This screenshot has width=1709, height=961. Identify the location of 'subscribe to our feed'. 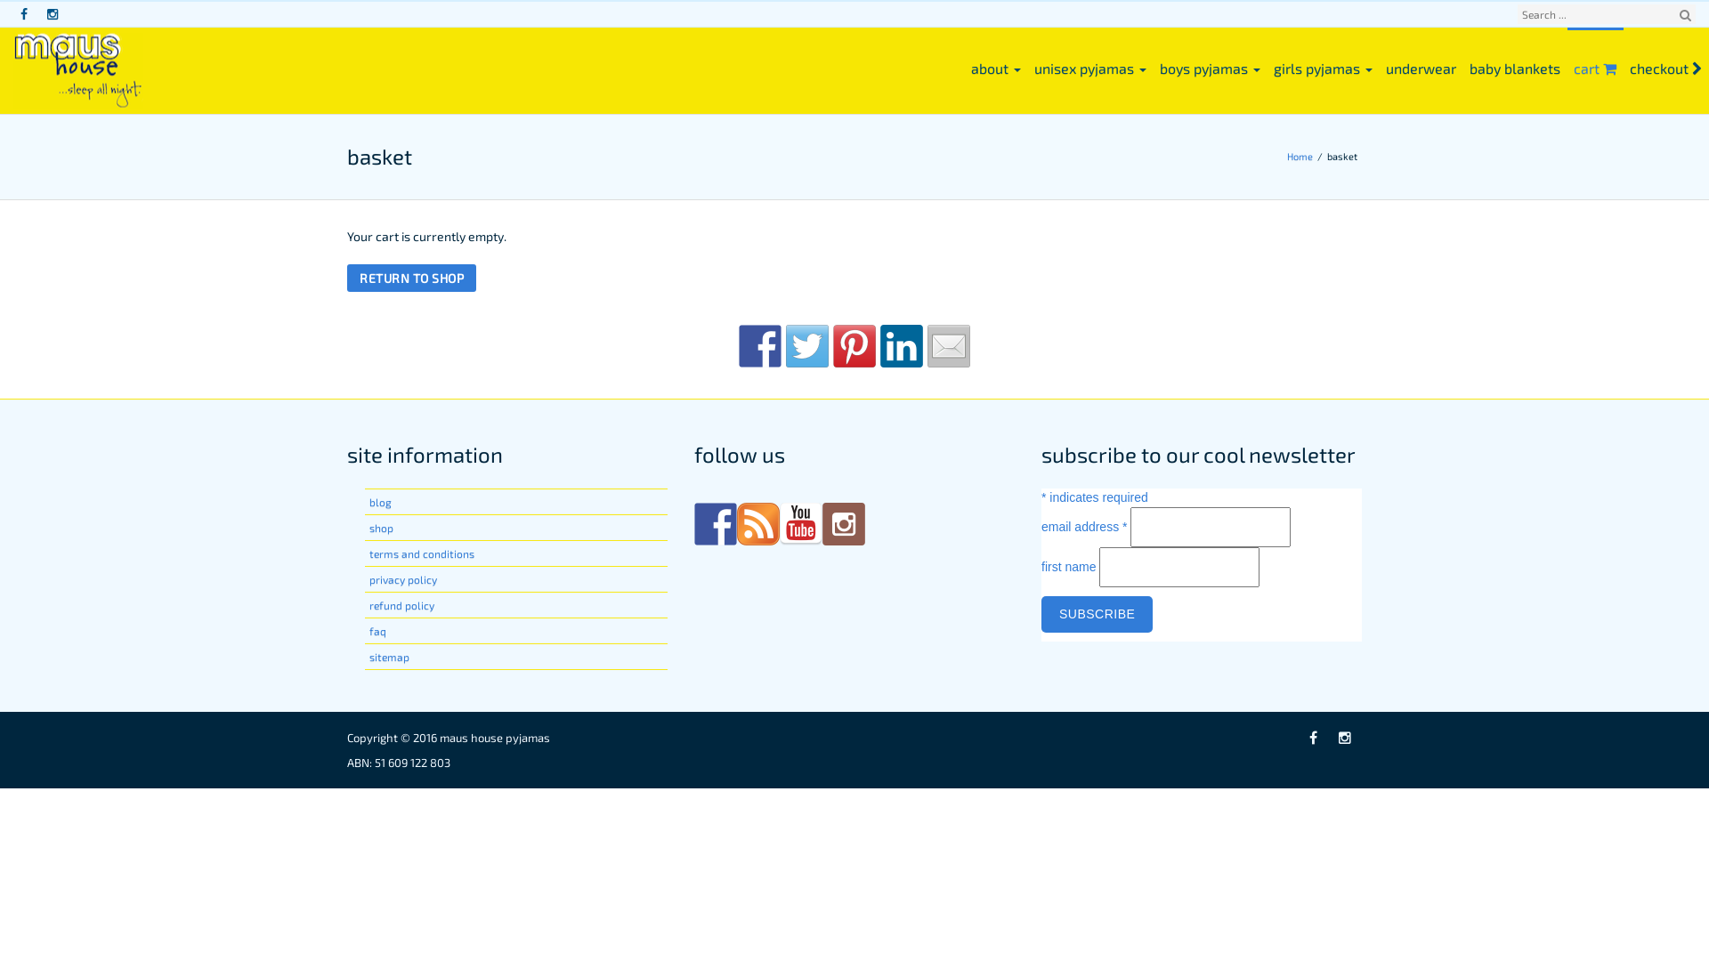
(757, 523).